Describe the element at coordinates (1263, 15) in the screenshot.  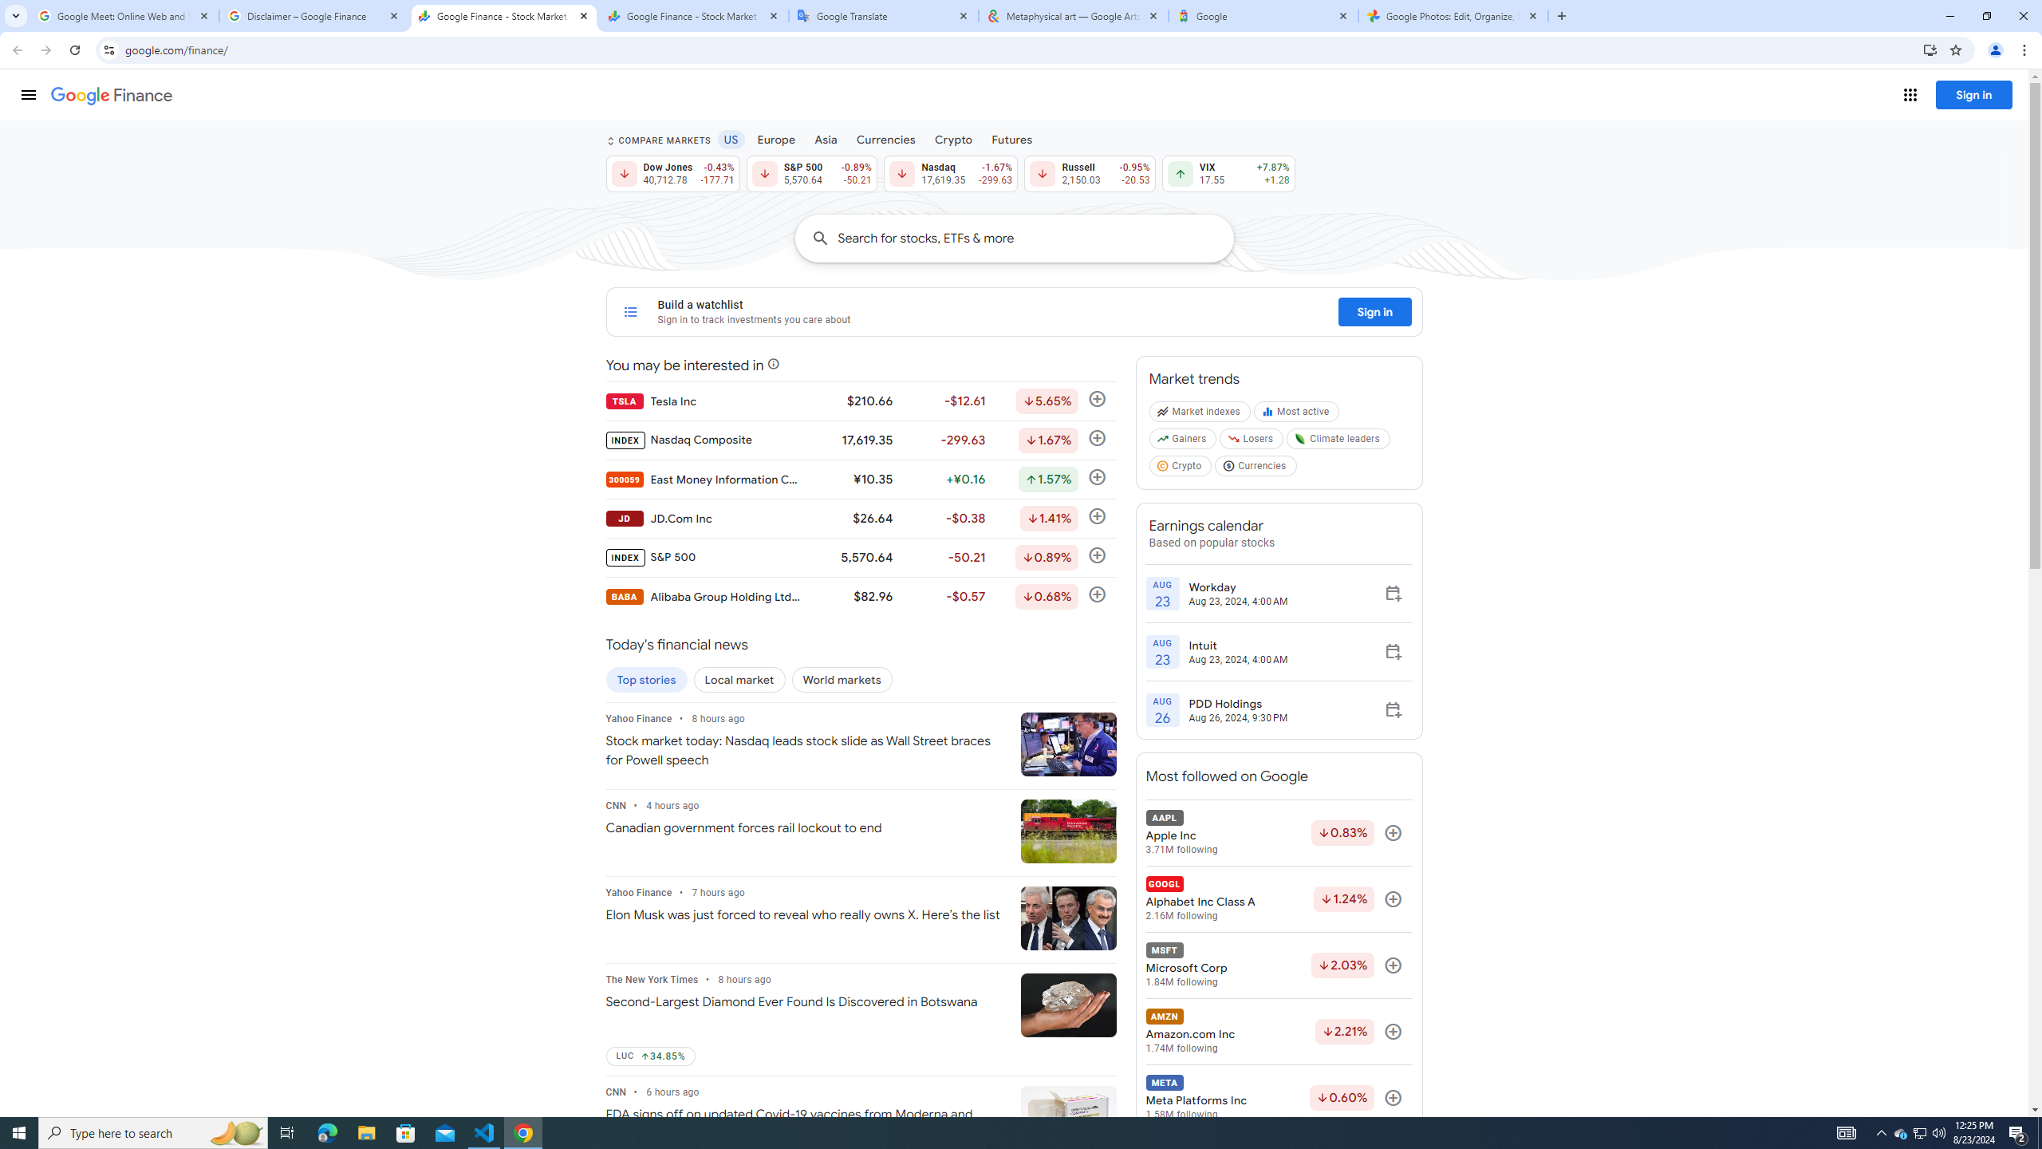
I see `'Google'` at that location.